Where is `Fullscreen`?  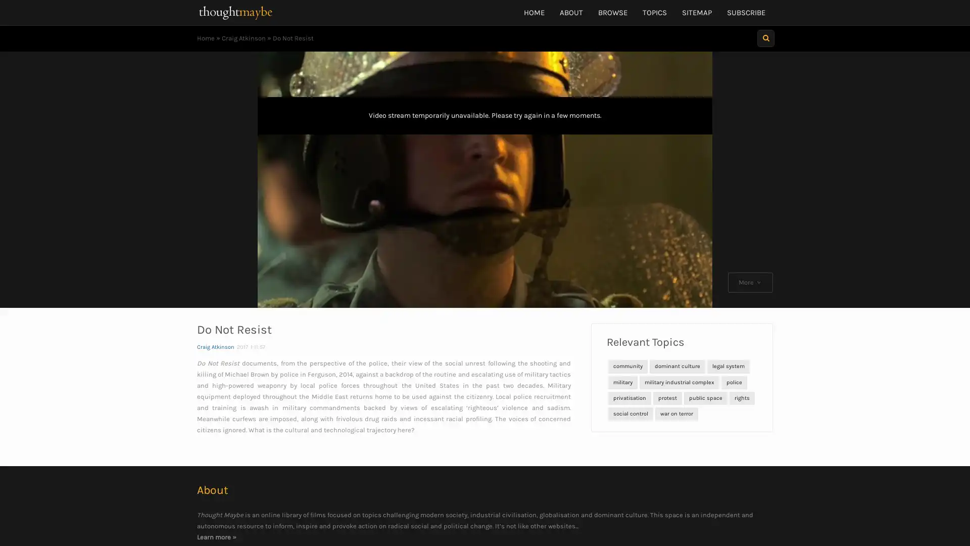
Fullscreen is located at coordinates (698, 297).